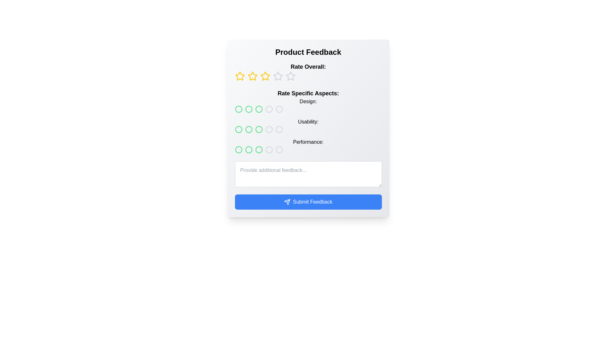  What do you see at coordinates (290, 76) in the screenshot?
I see `the fourth star button` at bounding box center [290, 76].